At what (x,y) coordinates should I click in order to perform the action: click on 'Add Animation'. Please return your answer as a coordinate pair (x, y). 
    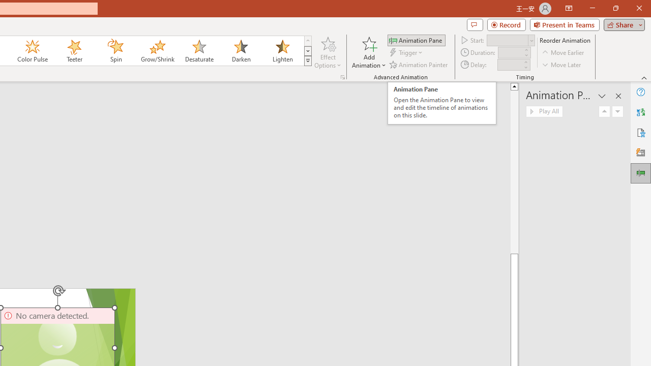
    Looking at the image, I should click on (368, 52).